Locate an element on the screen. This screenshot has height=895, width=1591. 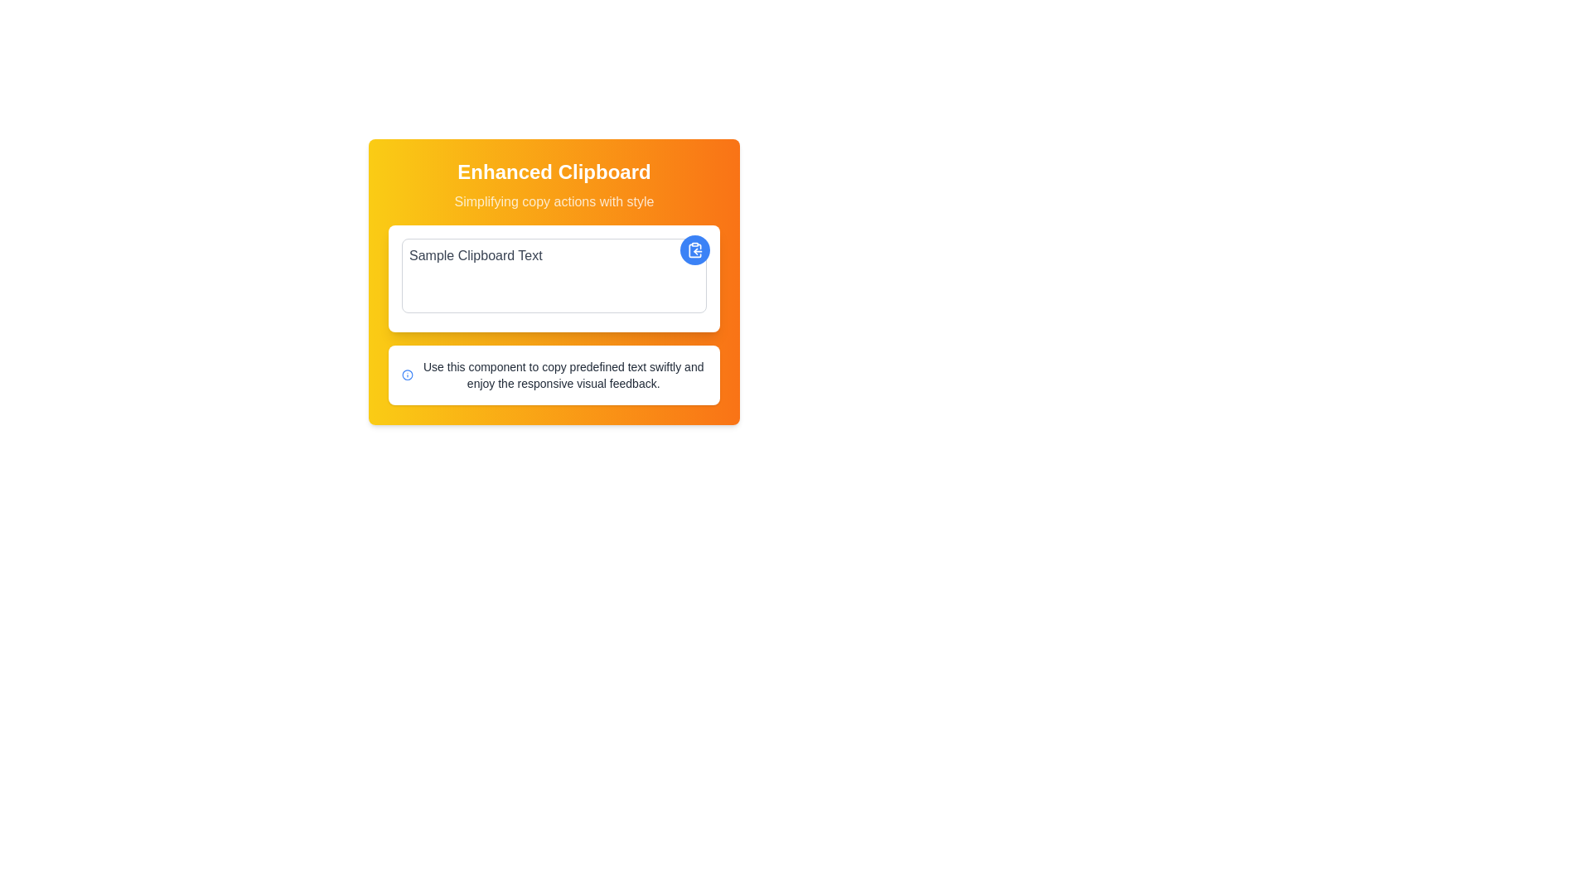
the decorative SVG graphical element located at the center of a small SVG icon in the top left corner of a card-like component is located at coordinates (408, 375).